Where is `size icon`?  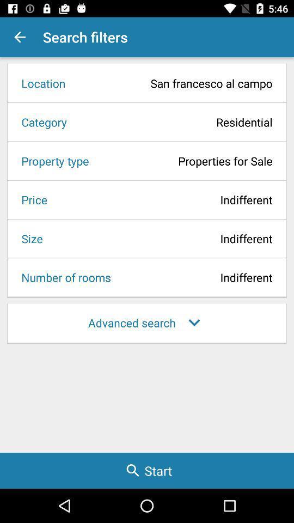
size icon is located at coordinates (28, 238).